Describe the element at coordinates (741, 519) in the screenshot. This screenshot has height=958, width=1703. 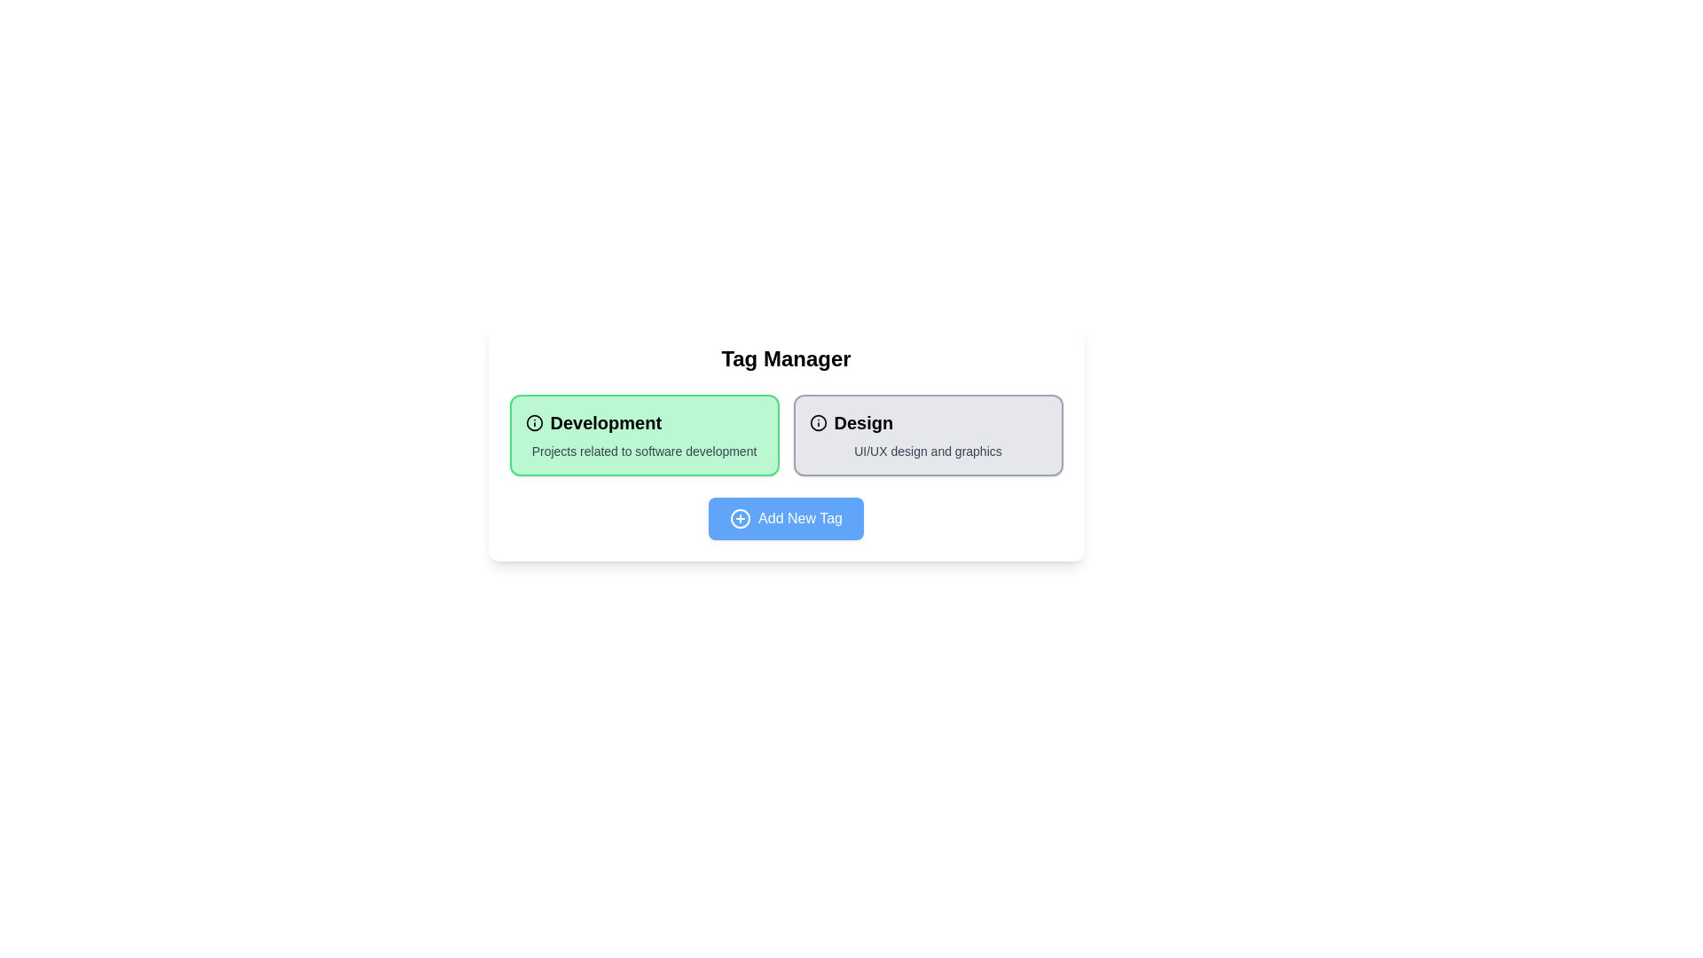
I see `the circular blue boundary of the 'Add New Tag' button, which is centrally located below the main content box` at that location.